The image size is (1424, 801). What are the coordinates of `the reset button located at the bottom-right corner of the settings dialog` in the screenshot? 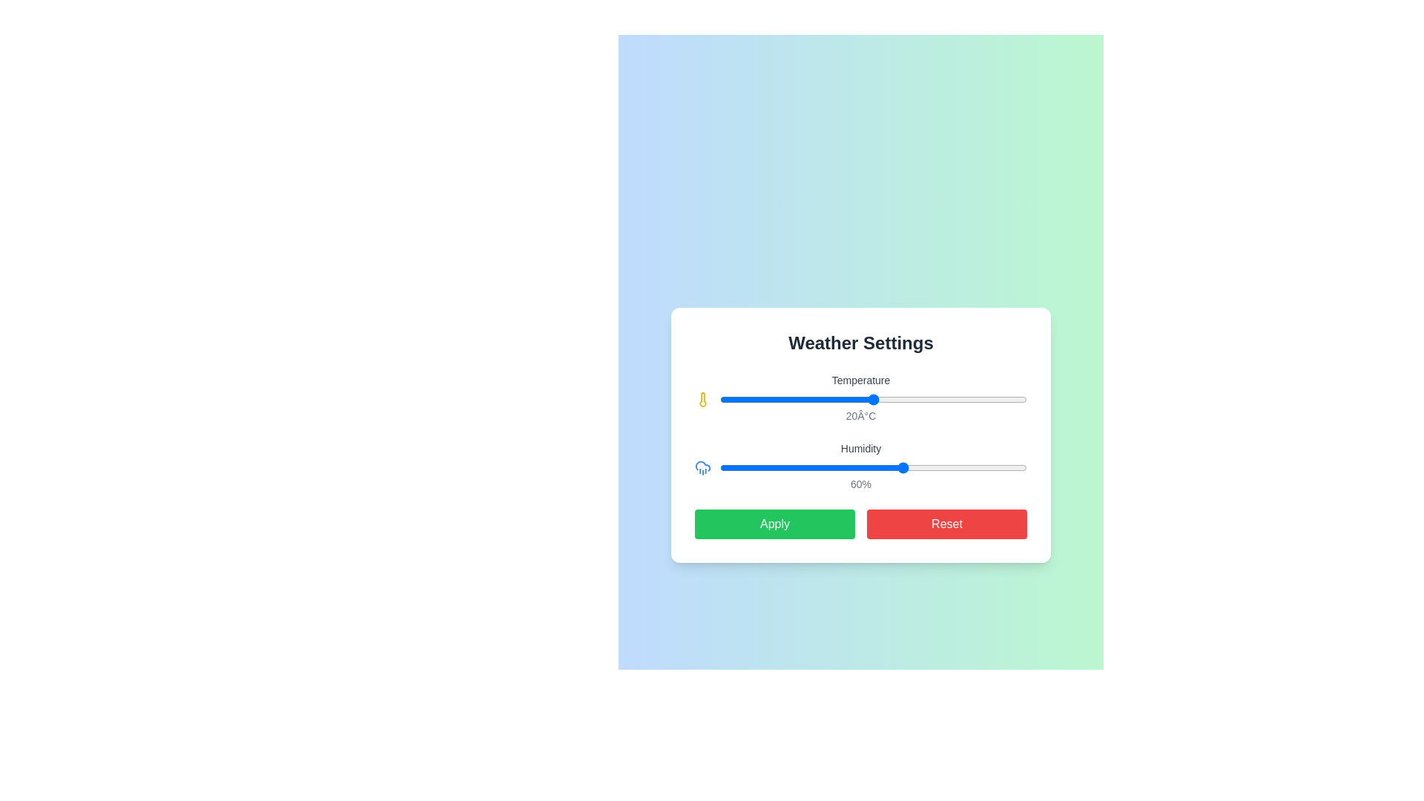 It's located at (946, 523).